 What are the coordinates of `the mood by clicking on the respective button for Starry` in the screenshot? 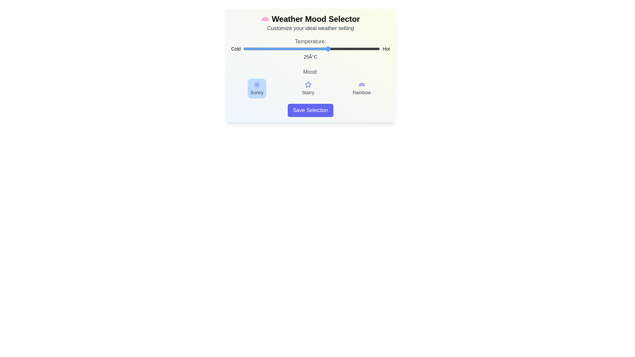 It's located at (308, 88).